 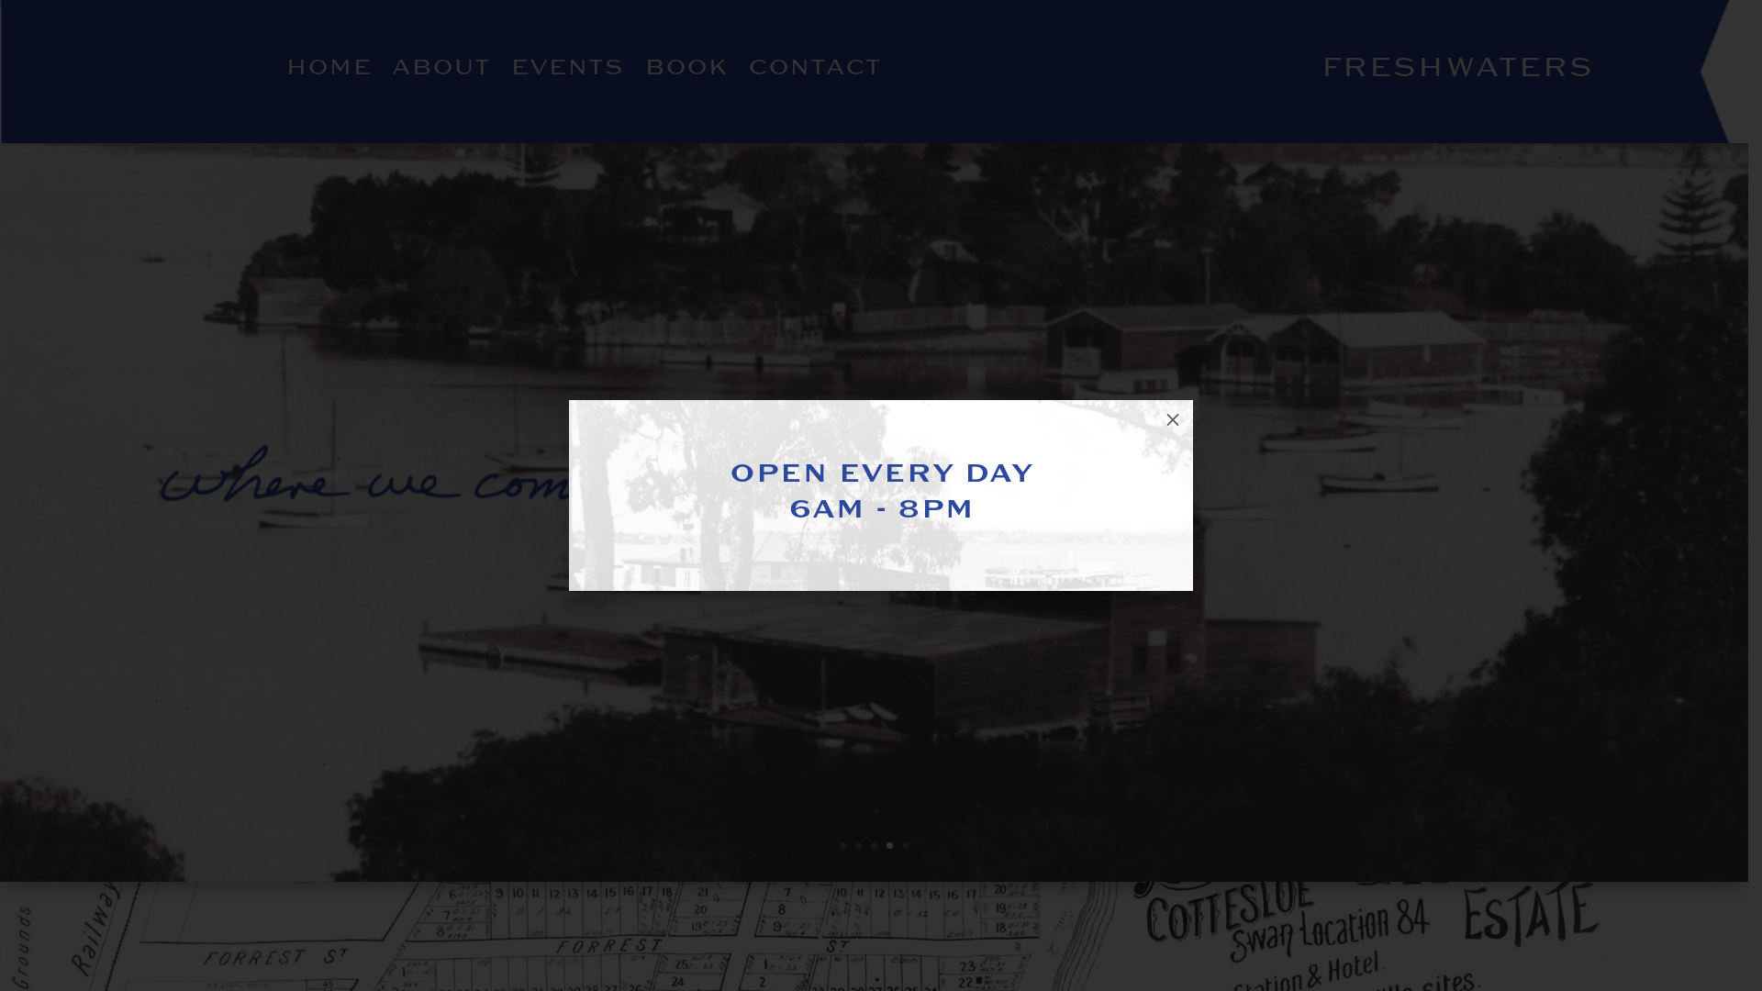 I want to click on '5', so click(x=905, y=845).